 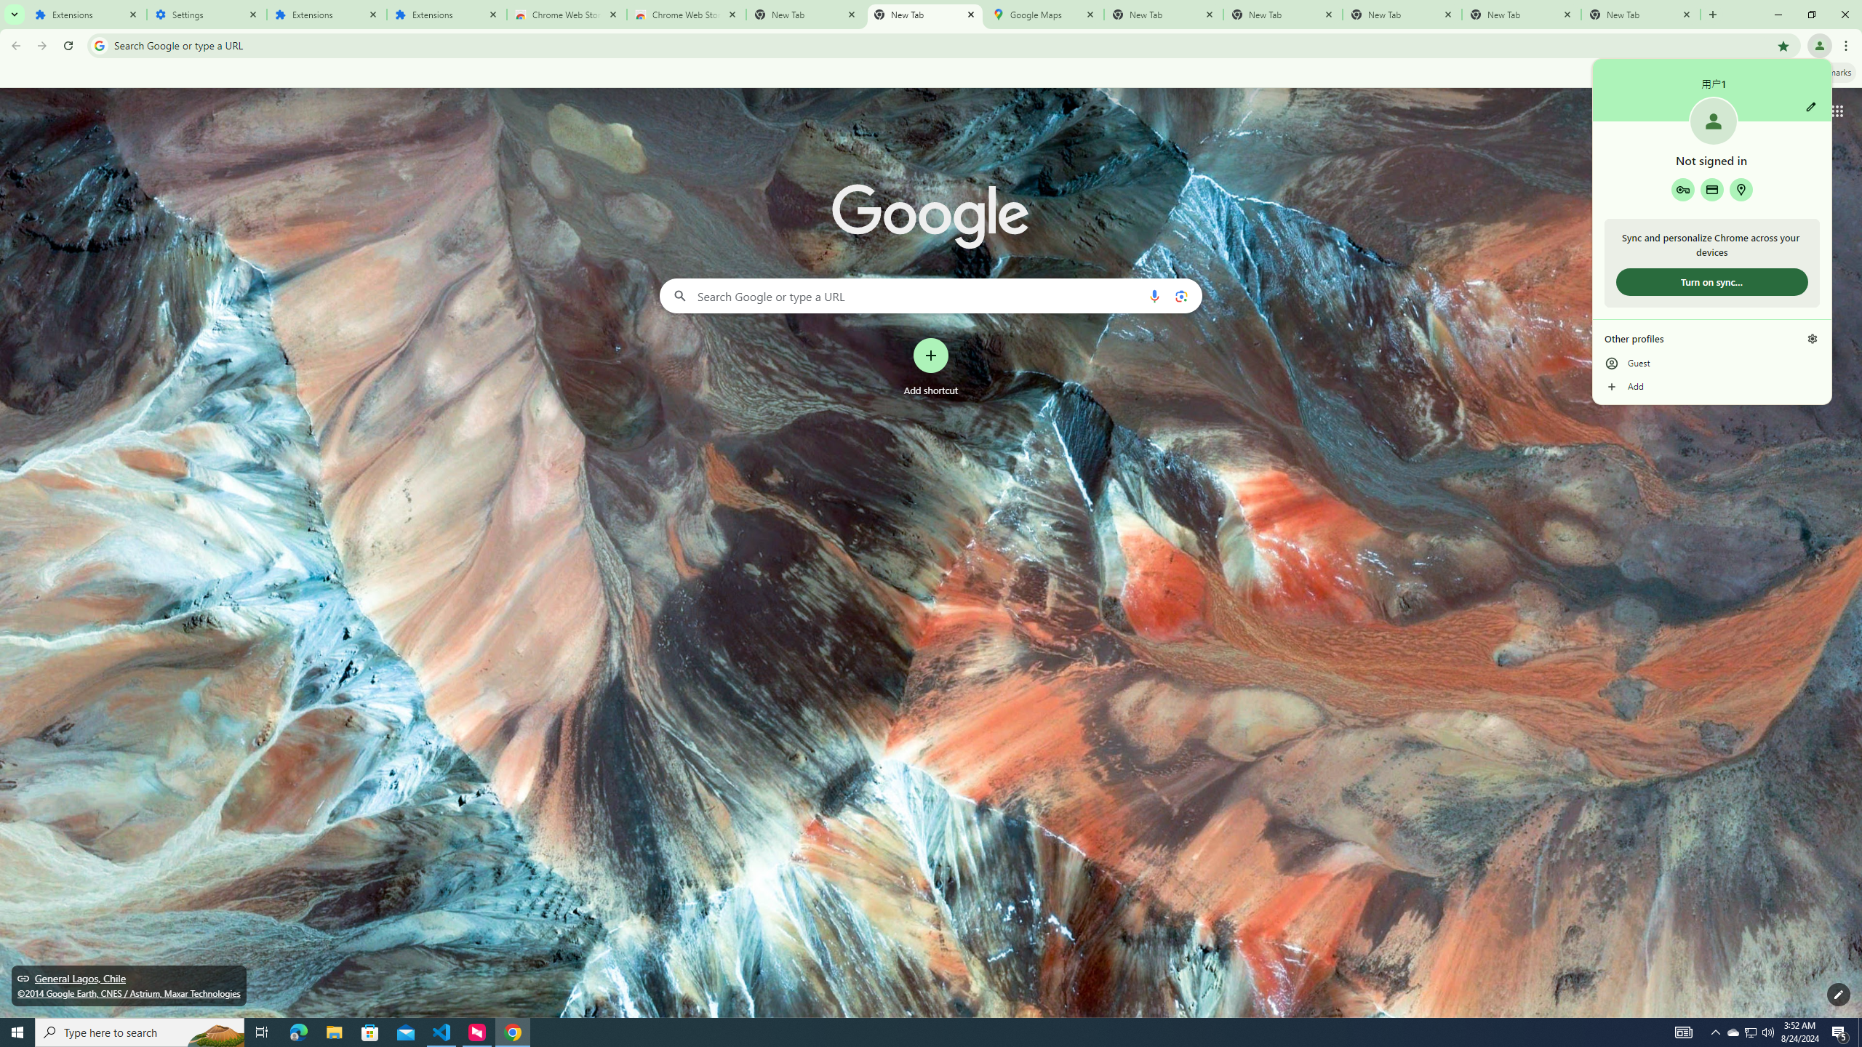 What do you see at coordinates (98, 44) in the screenshot?
I see `'Search icon'` at bounding box center [98, 44].